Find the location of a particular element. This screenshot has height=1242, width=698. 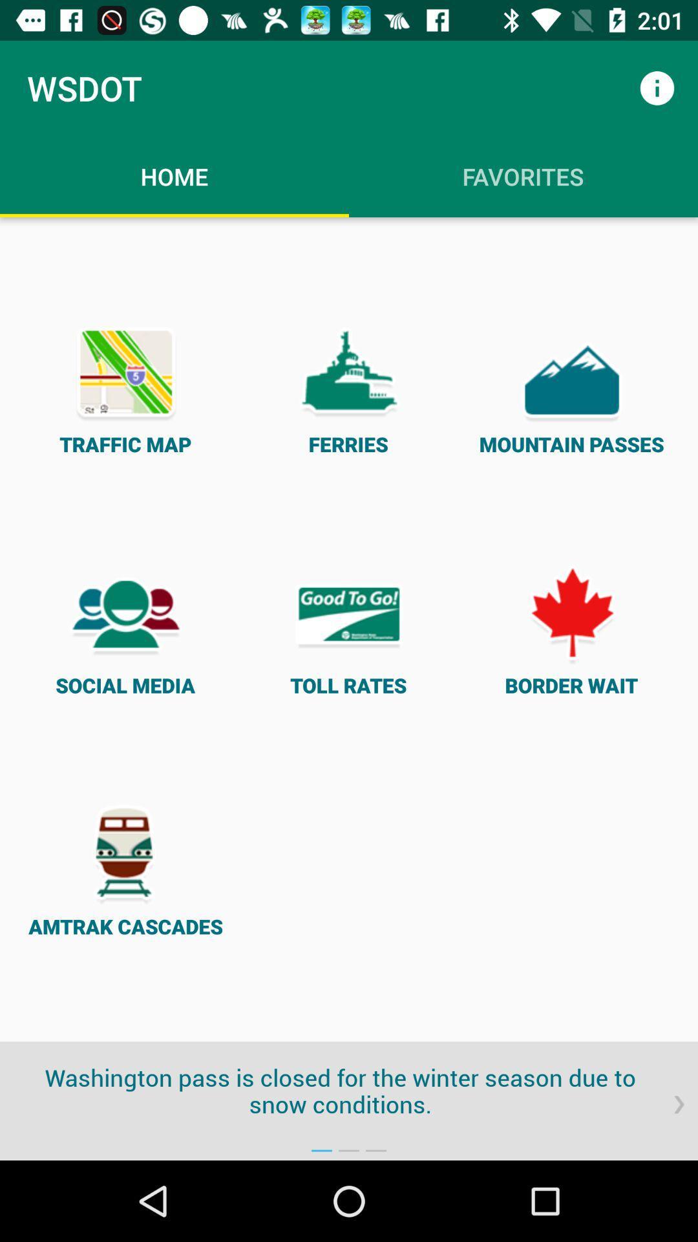

the amtrak cascades at the bottom left corner is located at coordinates (125, 870).